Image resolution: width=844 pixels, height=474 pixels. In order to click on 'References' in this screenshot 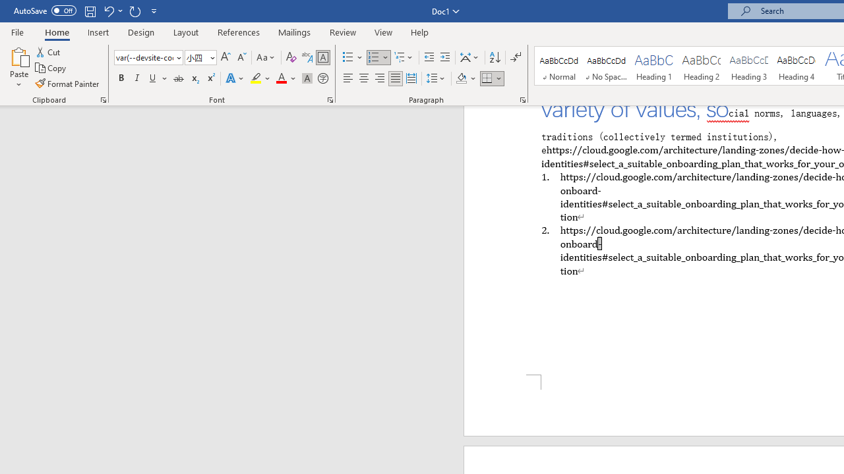, I will do `click(239, 32)`.